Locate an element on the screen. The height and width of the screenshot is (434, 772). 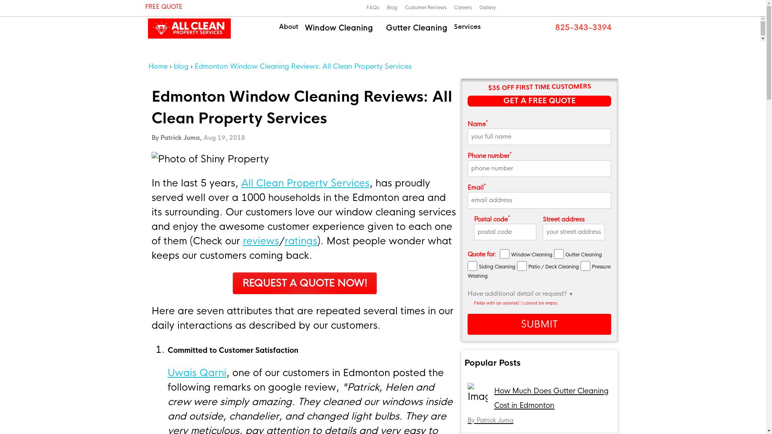
' FREE QUOTE' is located at coordinates (191, 7).